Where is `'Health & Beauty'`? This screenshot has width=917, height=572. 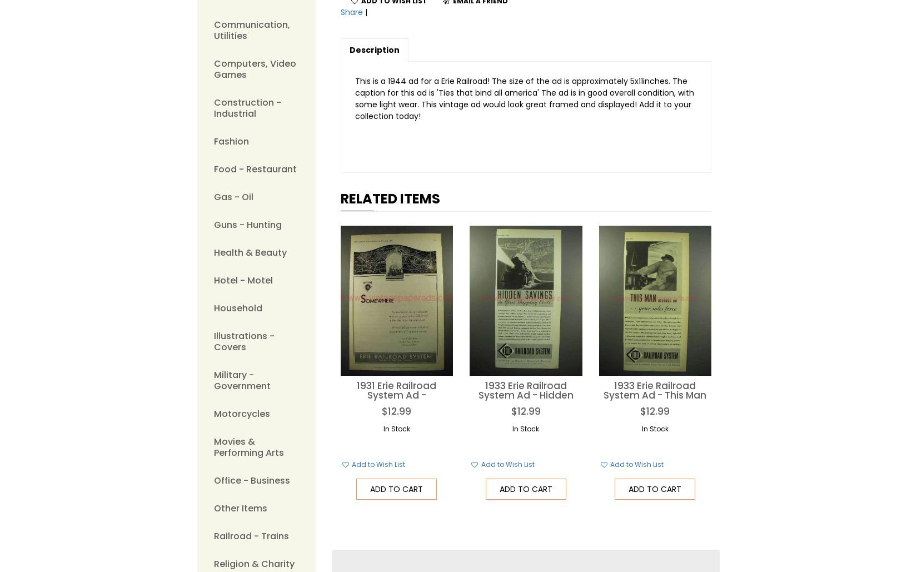 'Health & Beauty' is located at coordinates (250, 252).